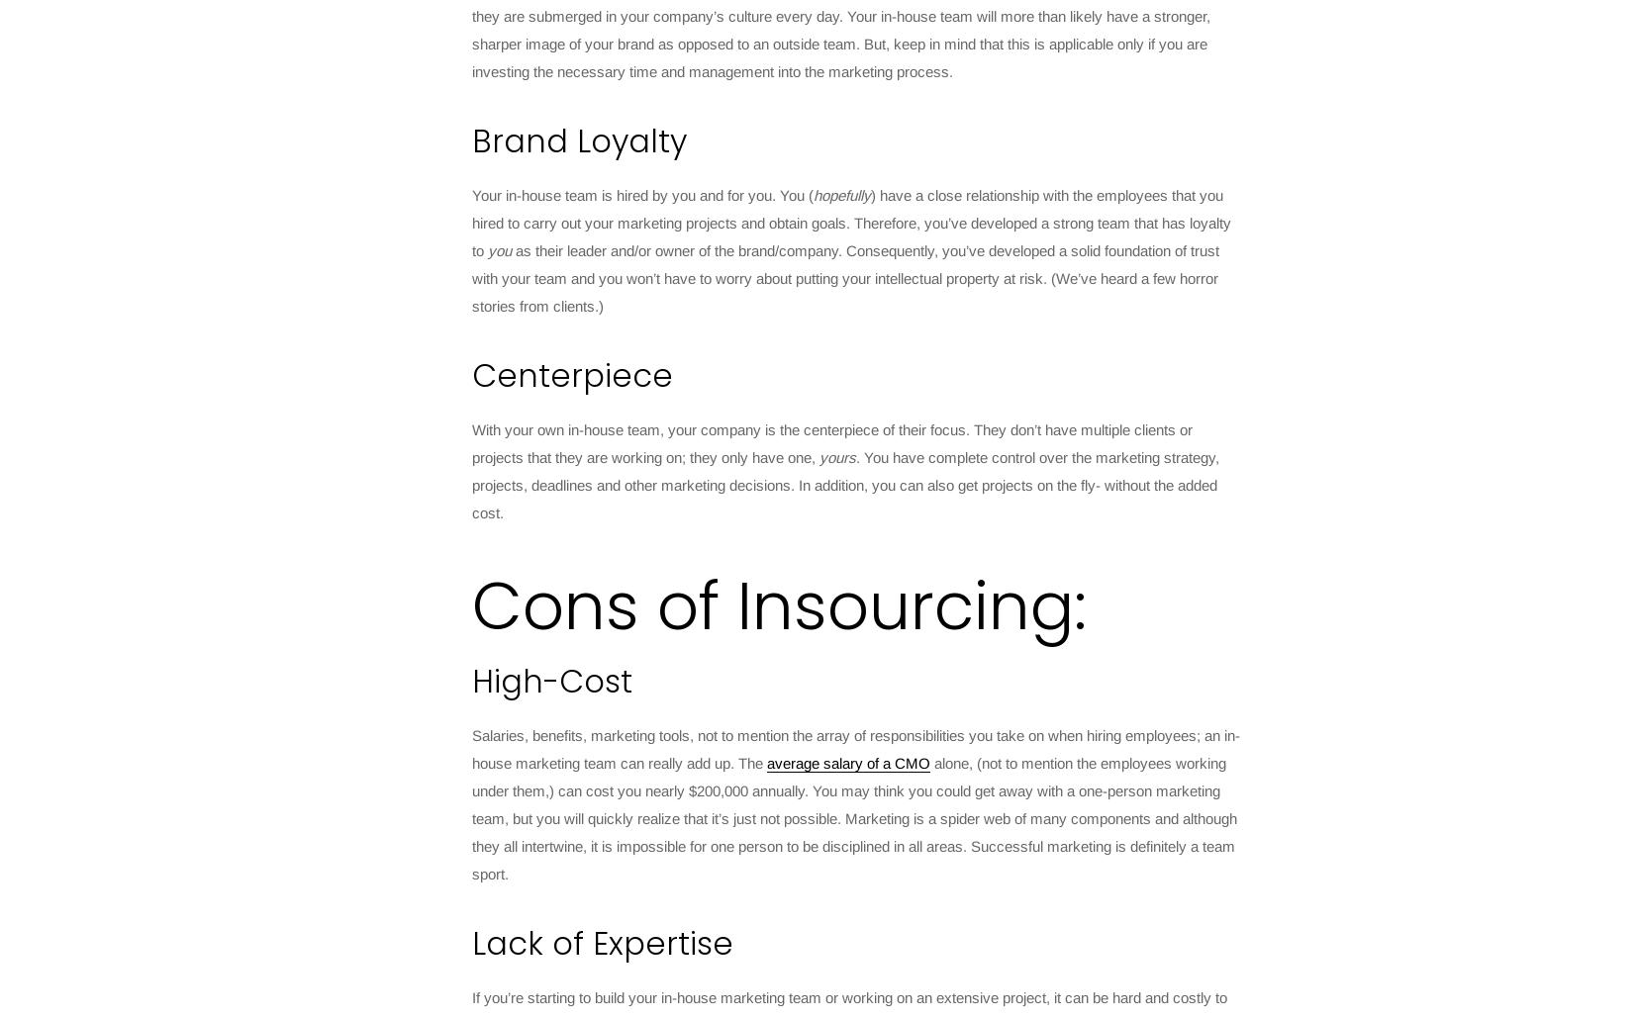  What do you see at coordinates (844, 485) in the screenshot?
I see `'. You have complete control over the marketing strategy, projects, deadlines and other marketing decisions. In addition, you can also get projects on the fly- without the added cost.'` at bounding box center [844, 485].